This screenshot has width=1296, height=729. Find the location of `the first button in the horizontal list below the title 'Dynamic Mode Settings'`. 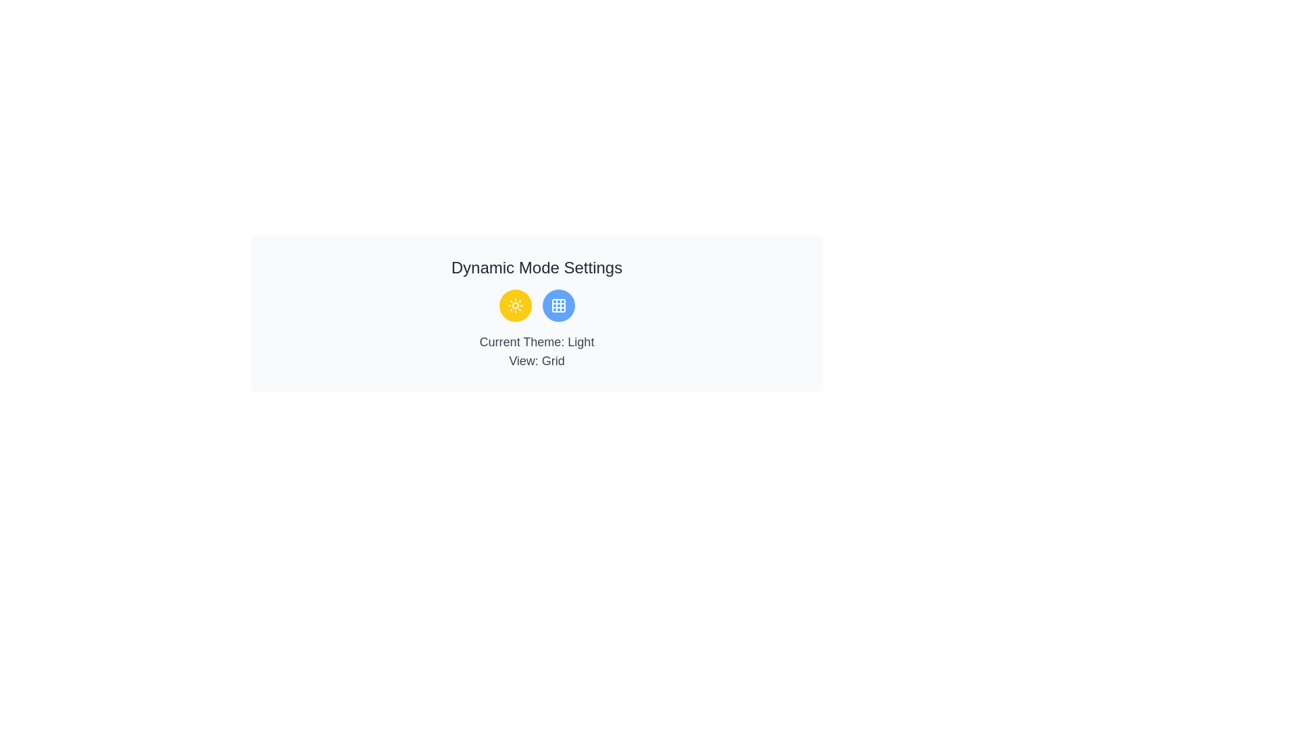

the first button in the horizontal list below the title 'Dynamic Mode Settings' is located at coordinates (514, 305).